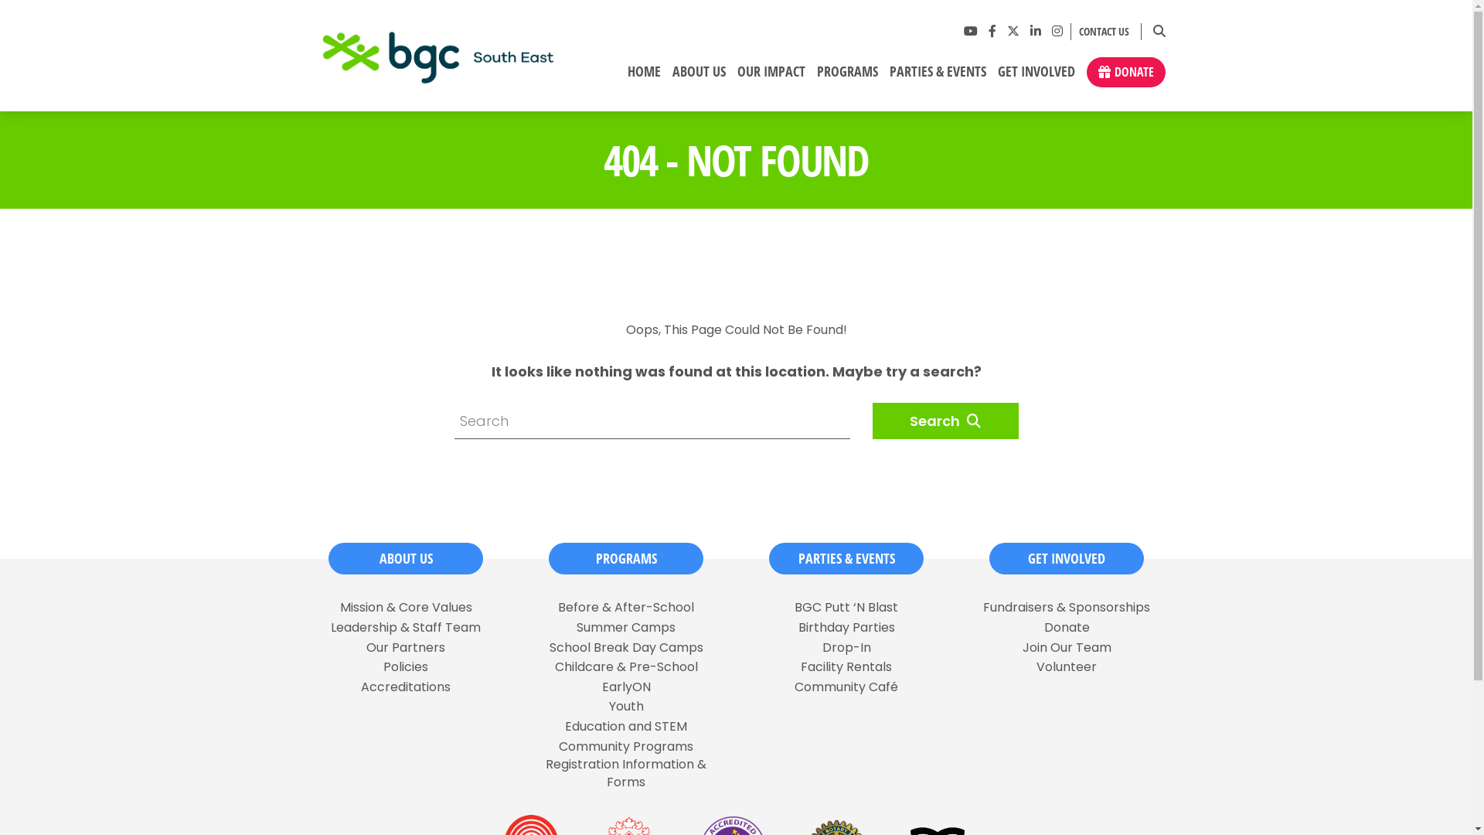 This screenshot has height=835, width=1484. Describe the element at coordinates (621, 77) in the screenshot. I see `'HOME'` at that location.